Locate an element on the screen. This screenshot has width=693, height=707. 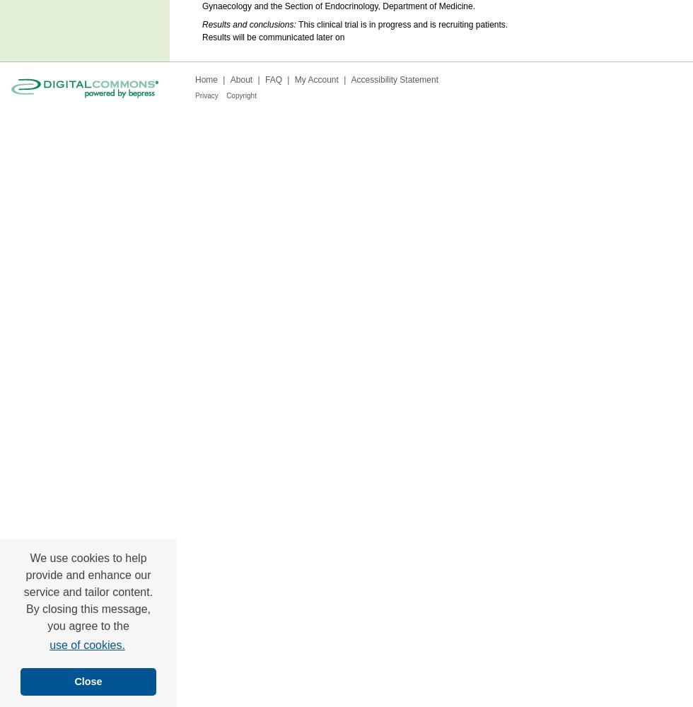
'Accessibility Statement' is located at coordinates (395, 79).